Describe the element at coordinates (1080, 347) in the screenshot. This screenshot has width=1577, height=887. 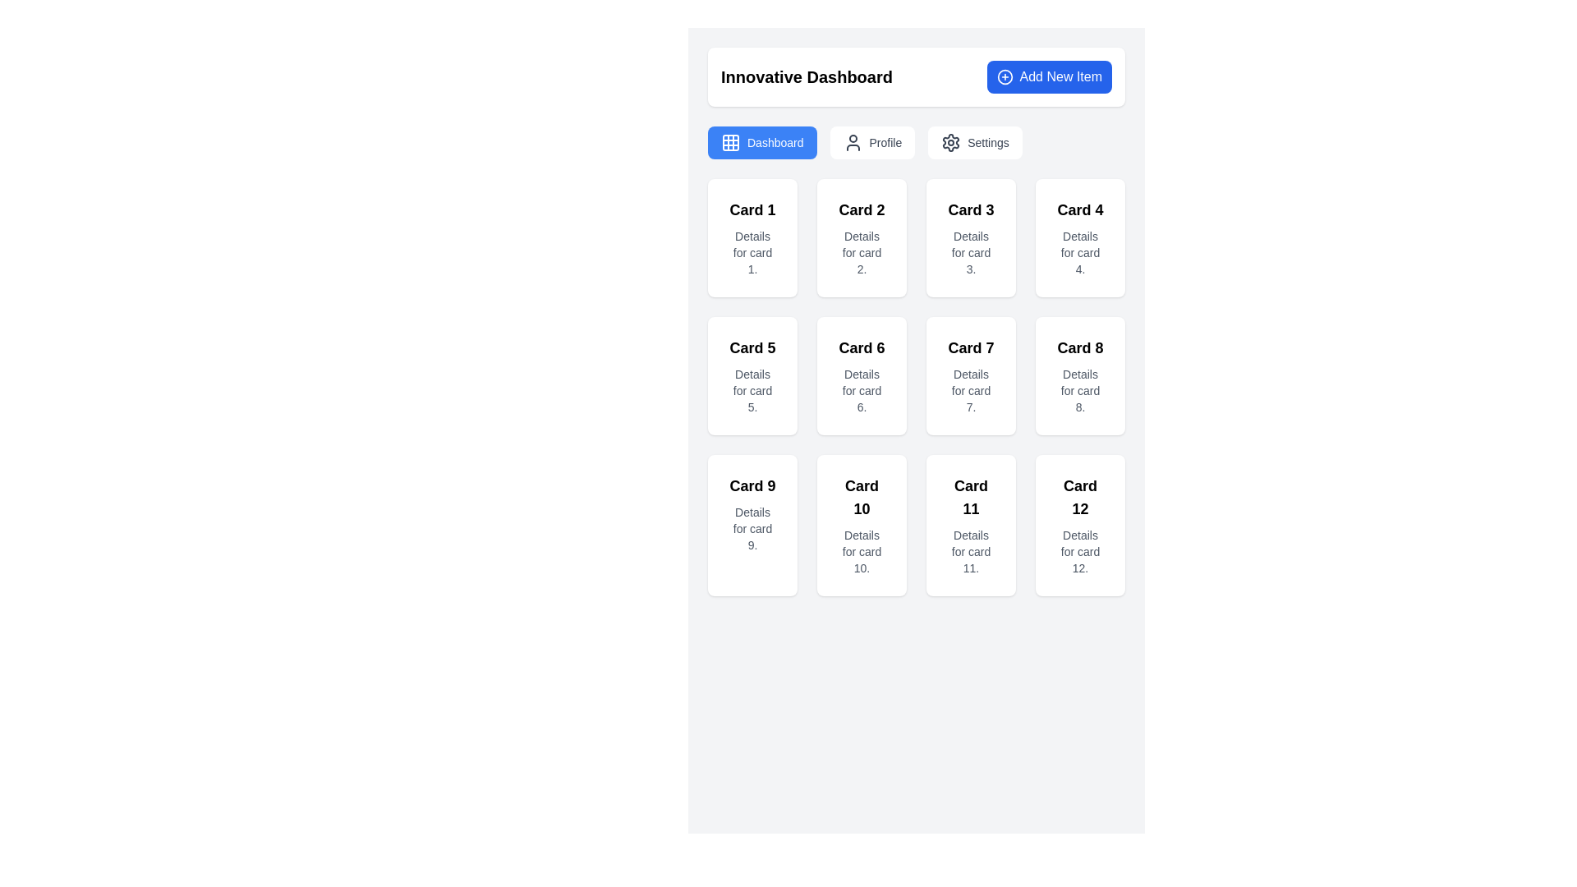
I see `the title of the eighth card in the grid layout, which is located in the second row and fourth column, providing a brief identifier or summary of the card's content` at that location.